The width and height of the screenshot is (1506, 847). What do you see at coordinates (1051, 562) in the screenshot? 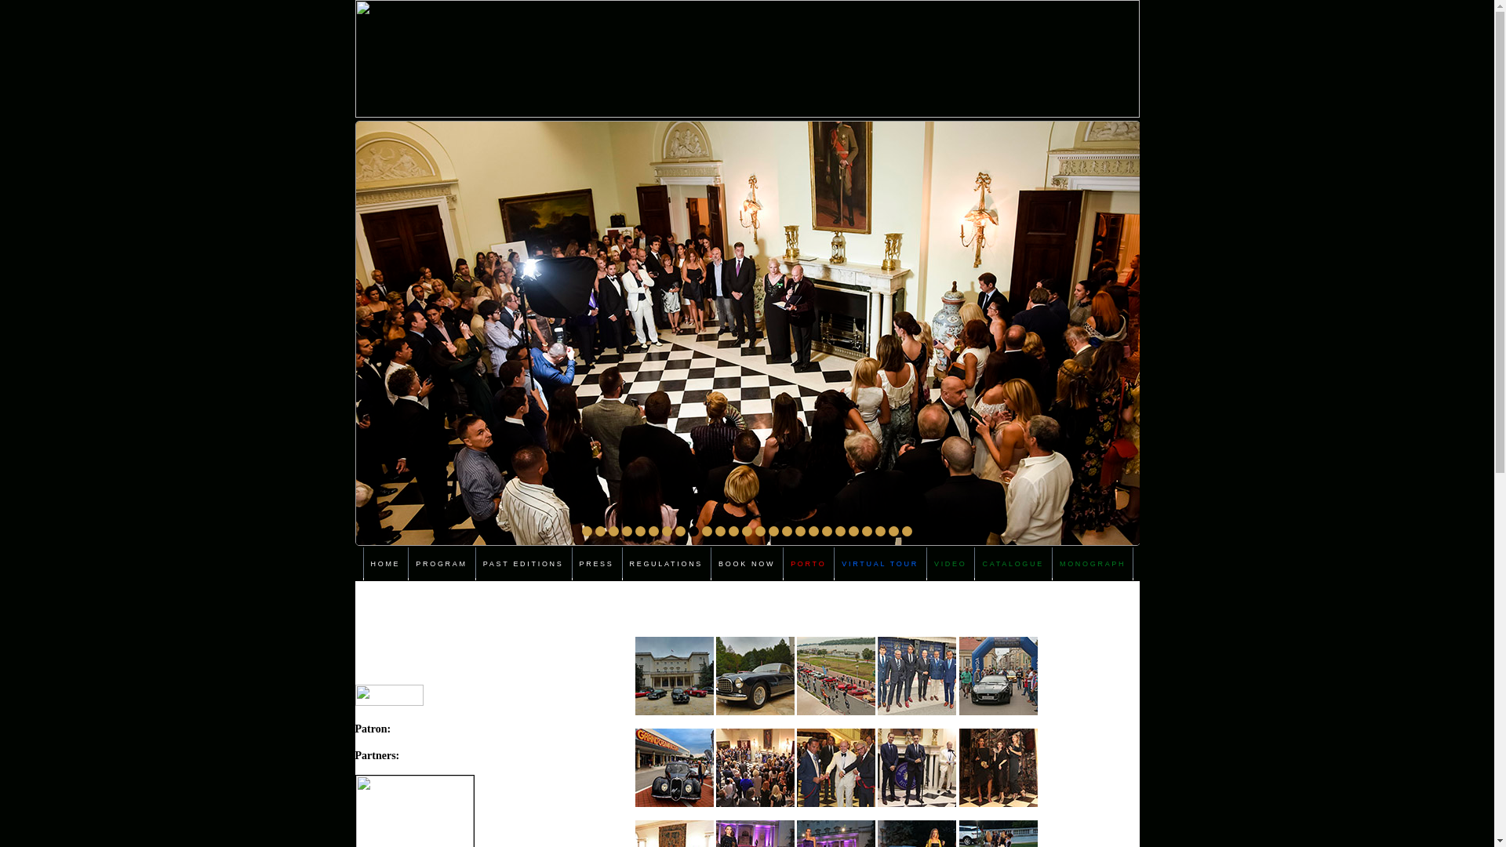
I see `'MONOGRAPH'` at bounding box center [1051, 562].